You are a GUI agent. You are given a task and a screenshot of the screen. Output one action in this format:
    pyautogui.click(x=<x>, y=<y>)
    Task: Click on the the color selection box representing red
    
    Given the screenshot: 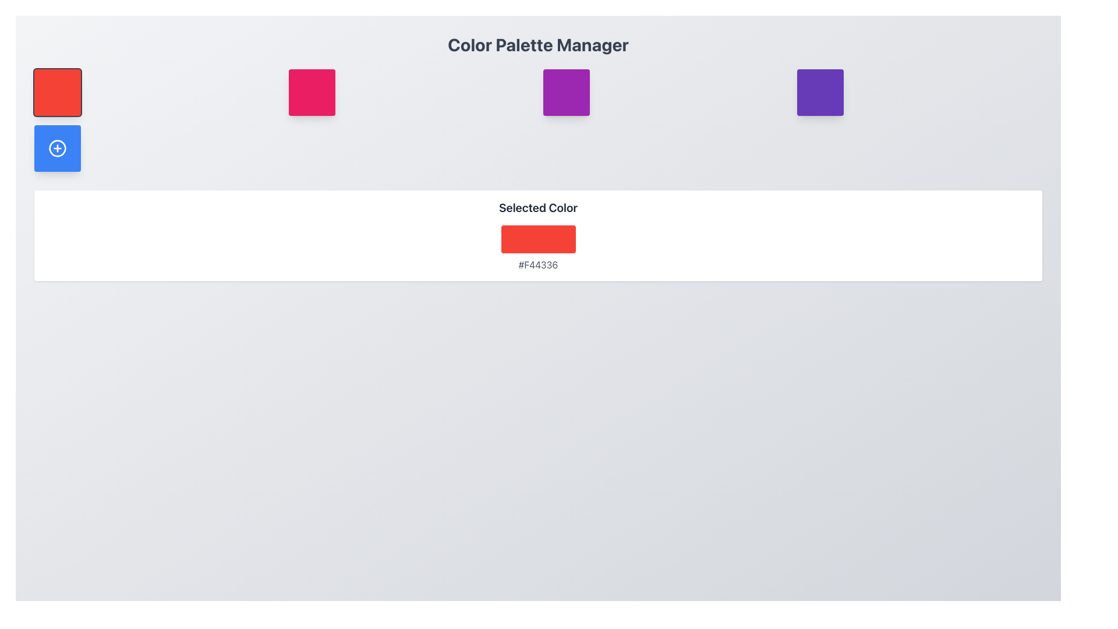 What is the action you would take?
    pyautogui.click(x=57, y=91)
    